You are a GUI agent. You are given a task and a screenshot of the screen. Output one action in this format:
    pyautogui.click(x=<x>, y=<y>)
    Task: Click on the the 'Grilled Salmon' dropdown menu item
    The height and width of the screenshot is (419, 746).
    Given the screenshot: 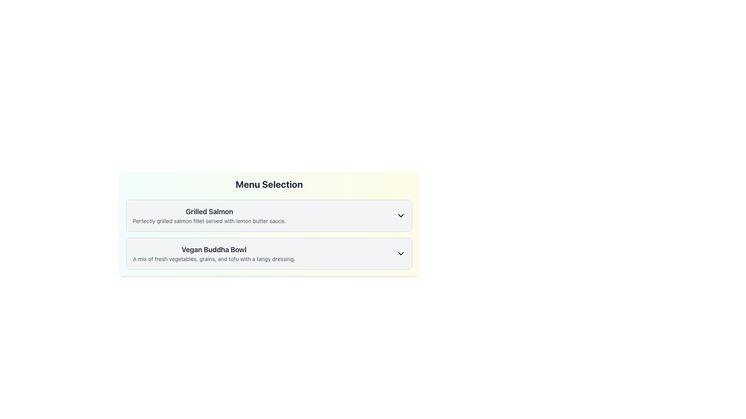 What is the action you would take?
    pyautogui.click(x=269, y=215)
    